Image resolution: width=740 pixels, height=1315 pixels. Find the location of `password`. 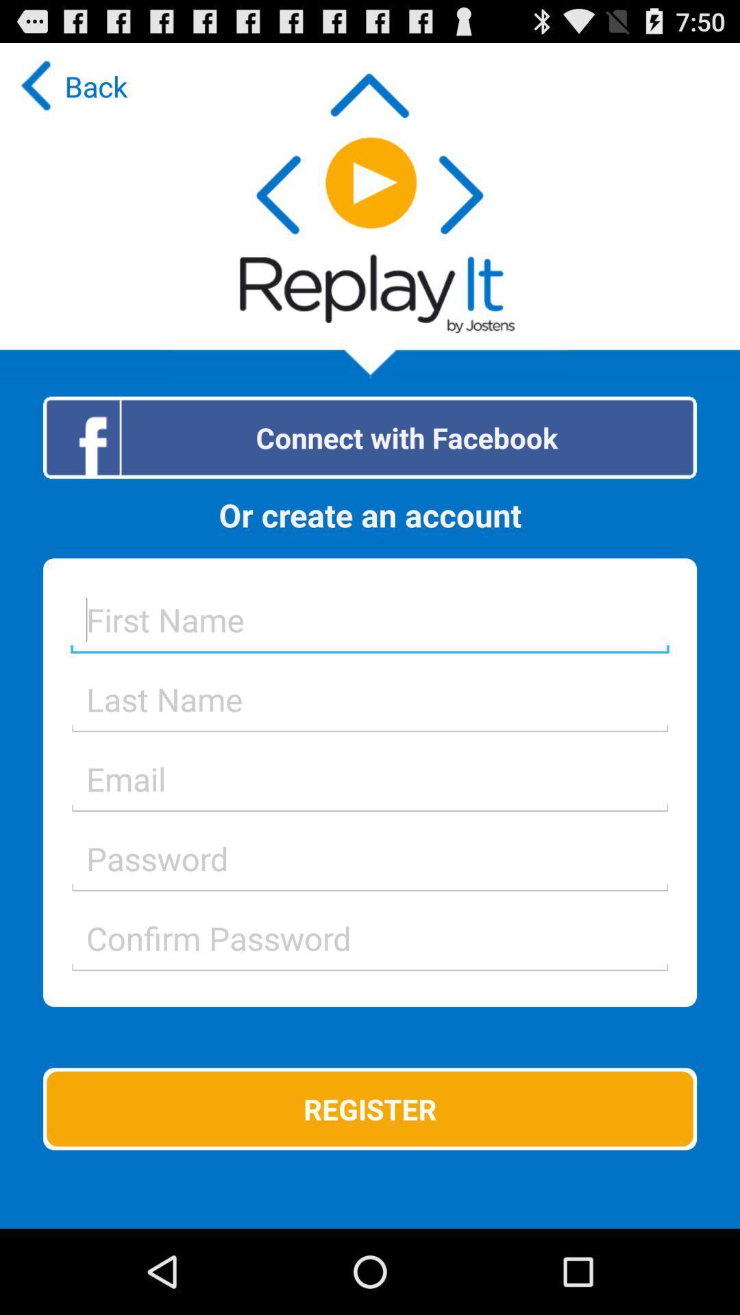

password is located at coordinates (370, 937).